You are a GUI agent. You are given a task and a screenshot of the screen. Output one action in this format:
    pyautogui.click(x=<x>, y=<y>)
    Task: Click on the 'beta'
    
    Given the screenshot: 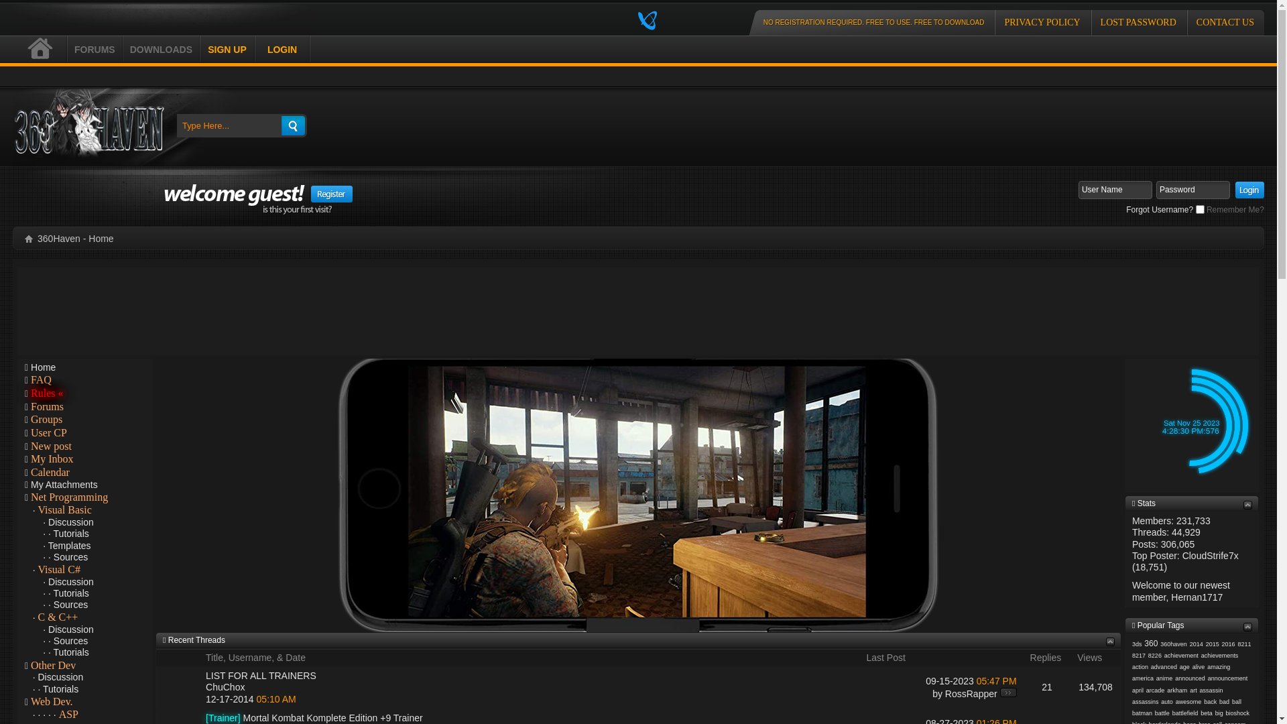 What is the action you would take?
    pyautogui.click(x=1207, y=713)
    